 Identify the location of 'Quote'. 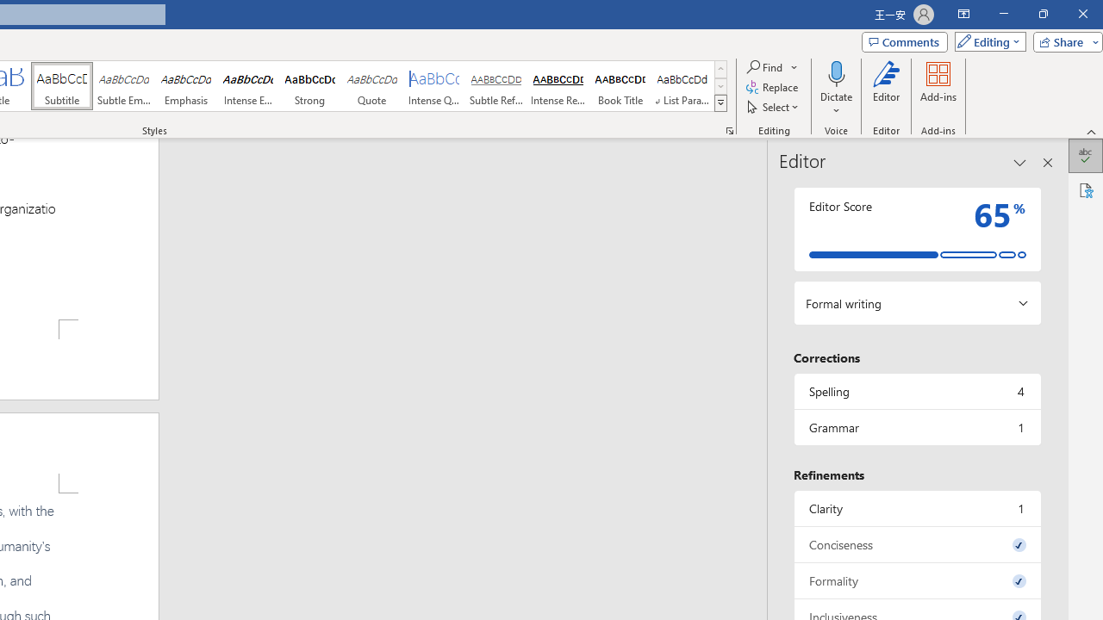
(371, 86).